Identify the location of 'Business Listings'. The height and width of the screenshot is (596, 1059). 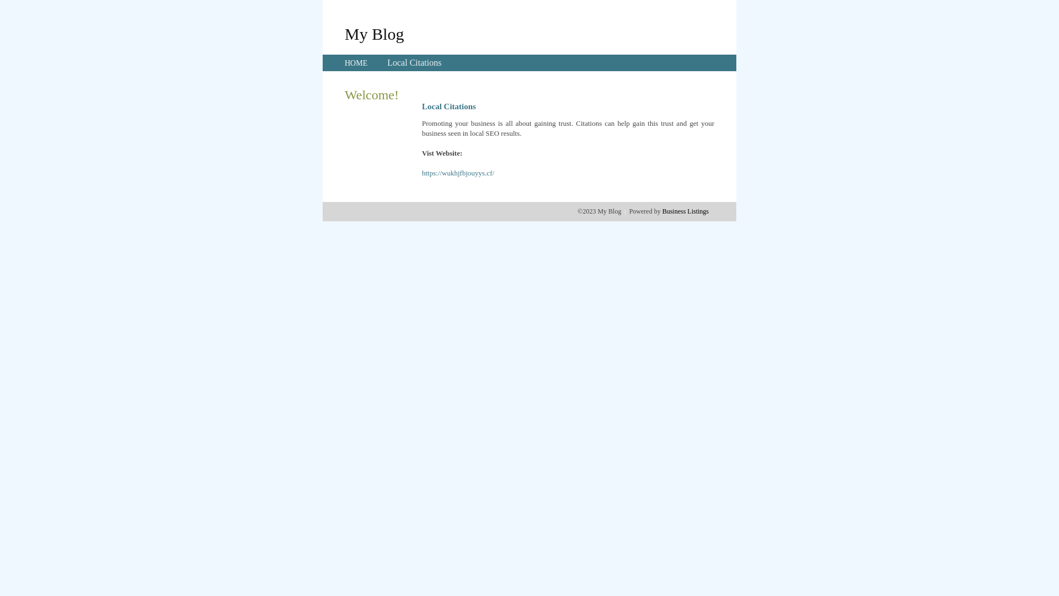
(685, 211).